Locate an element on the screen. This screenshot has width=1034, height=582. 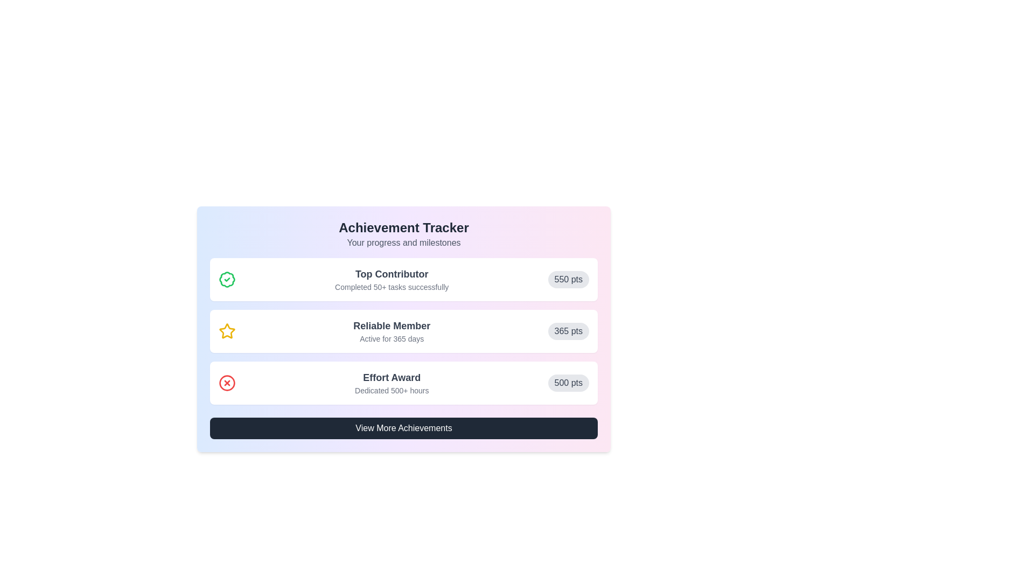
the text label reading 'Dedicated 500+ hours' which is located beneath the title 'Effort Award' in the achievements list to possibly see additional details is located at coordinates (391, 391).